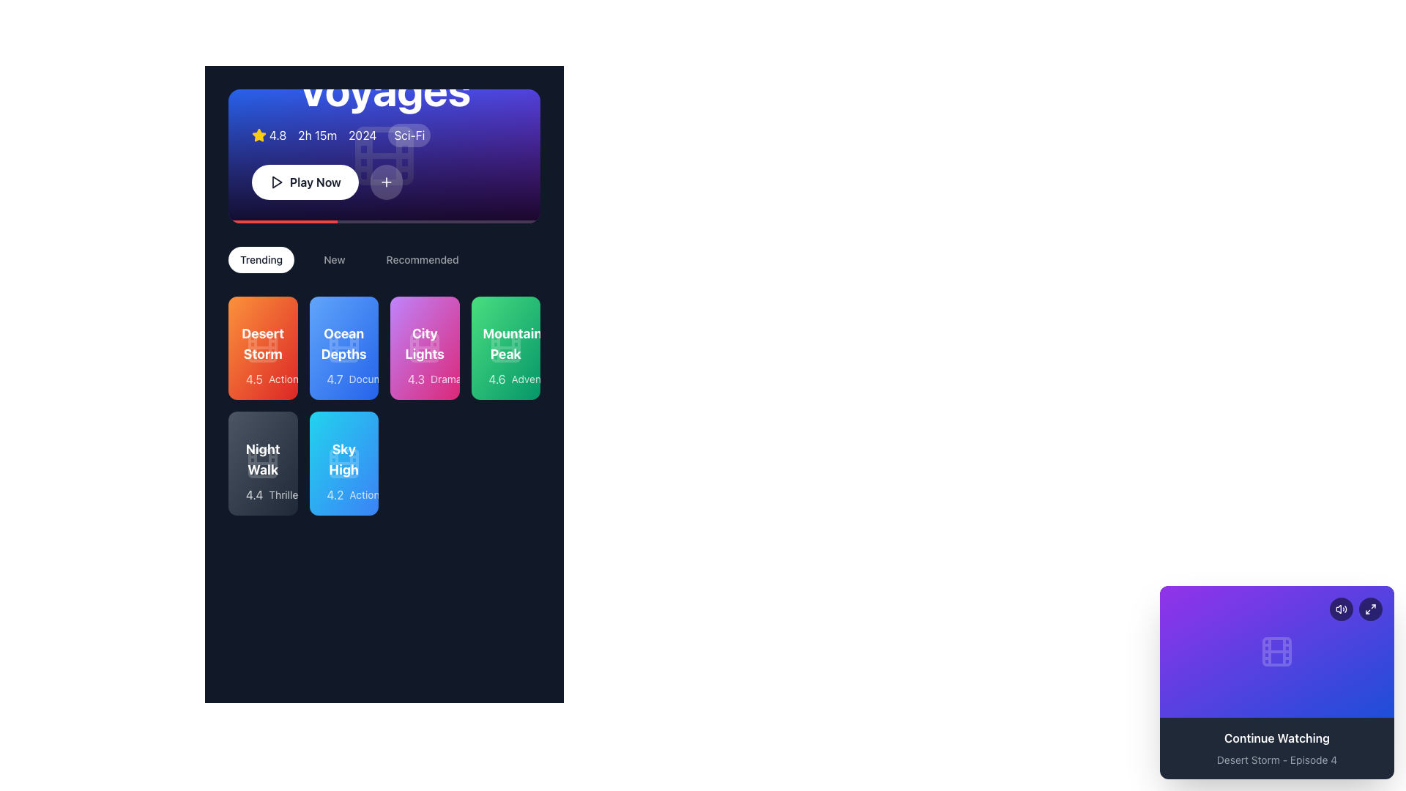 The width and height of the screenshot is (1406, 791). I want to click on the text label displaying the duration of a media item, located between the rating '4.8' and the year '2024', near the top-left corner of the main content area, so click(316, 135).